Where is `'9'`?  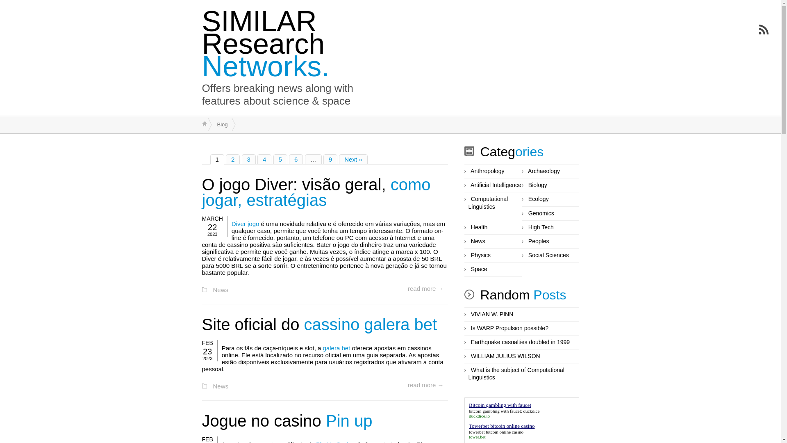 '9' is located at coordinates (330, 159).